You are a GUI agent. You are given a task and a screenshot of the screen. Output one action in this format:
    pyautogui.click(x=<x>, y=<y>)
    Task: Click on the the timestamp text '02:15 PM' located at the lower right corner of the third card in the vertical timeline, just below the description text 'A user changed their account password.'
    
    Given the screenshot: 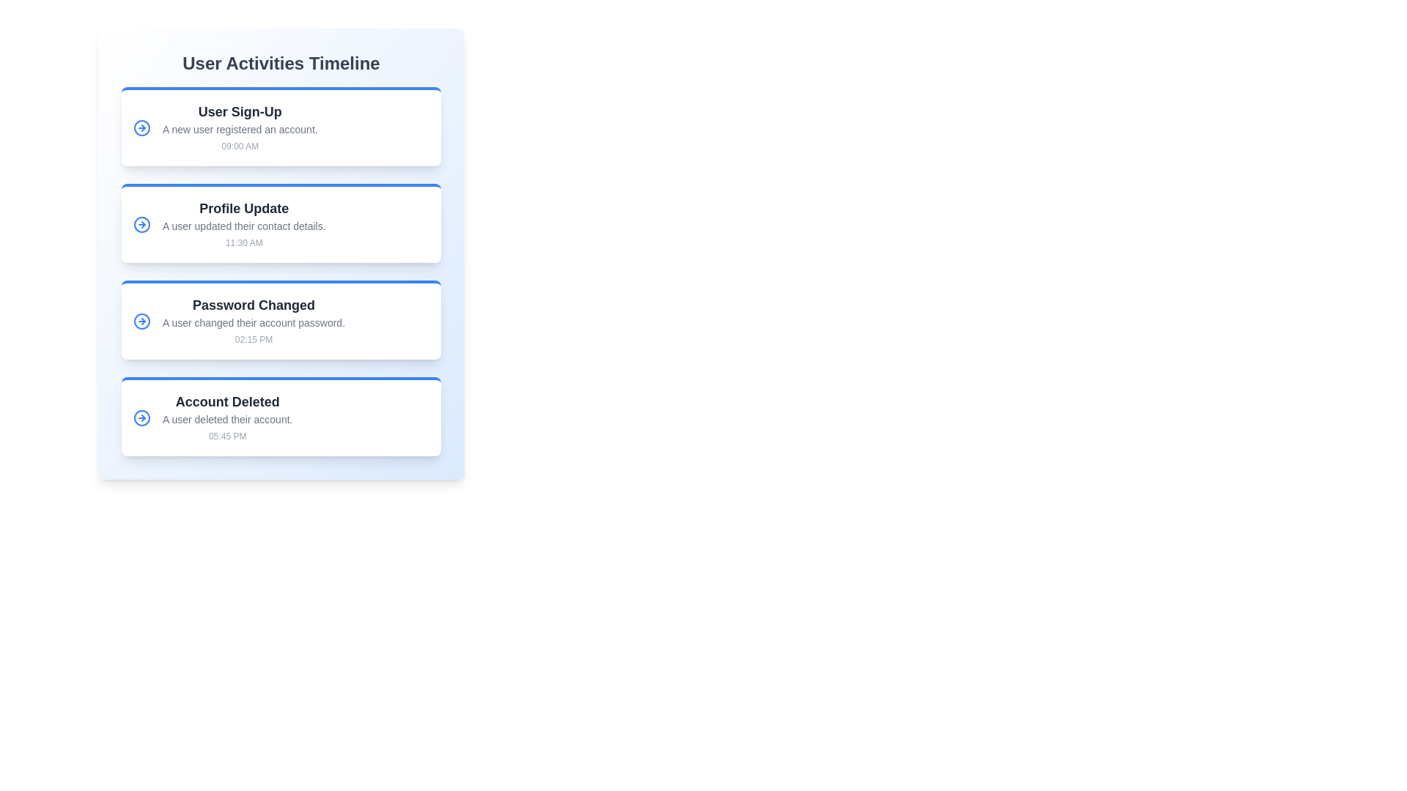 What is the action you would take?
    pyautogui.click(x=254, y=339)
    